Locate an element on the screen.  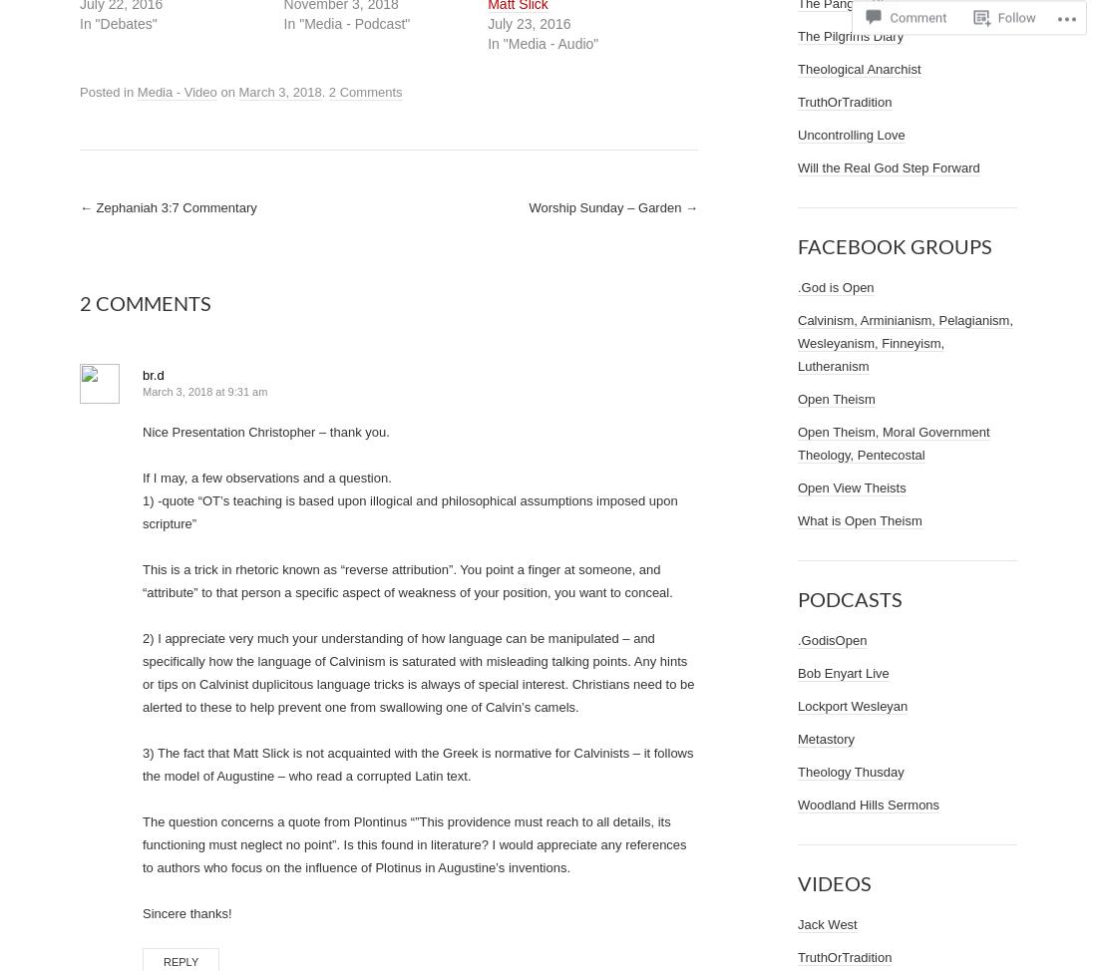
'March 3, 2018 at 9:31 am' is located at coordinates (203, 391).